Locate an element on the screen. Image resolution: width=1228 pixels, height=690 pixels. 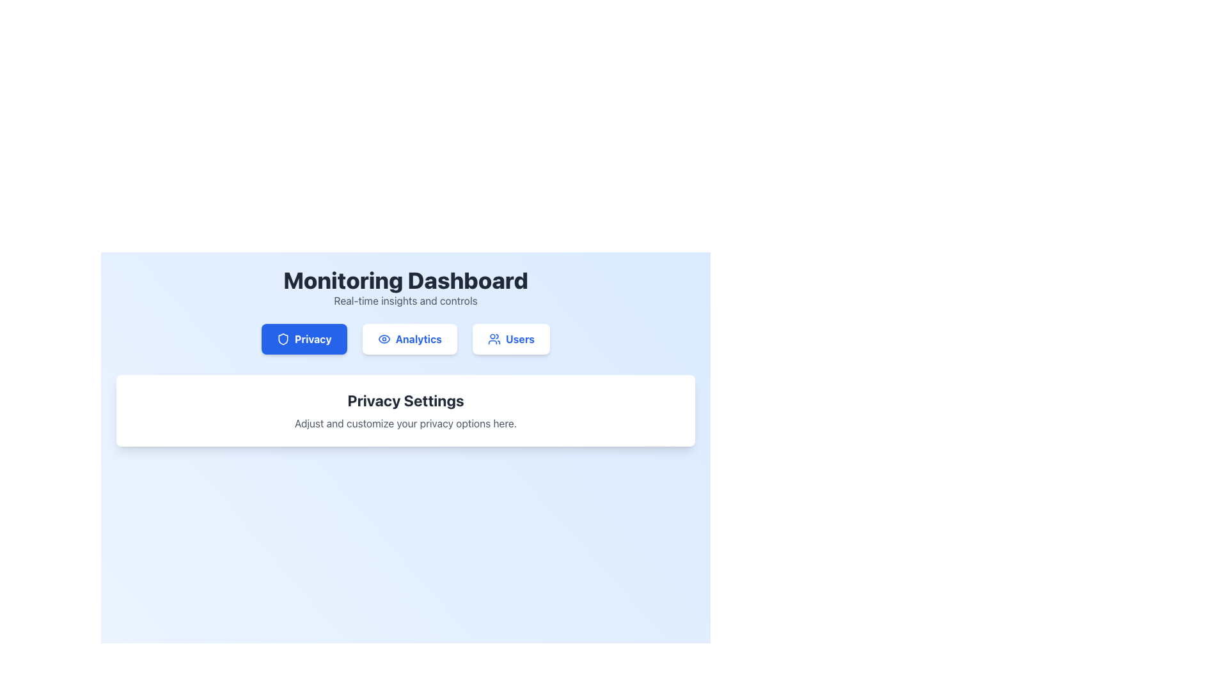
the 'Users' button that contains an SVG icon of a group of users, which is represented by two overlapping circles and additional paths suggesting shoulders and body is located at coordinates (493, 339).